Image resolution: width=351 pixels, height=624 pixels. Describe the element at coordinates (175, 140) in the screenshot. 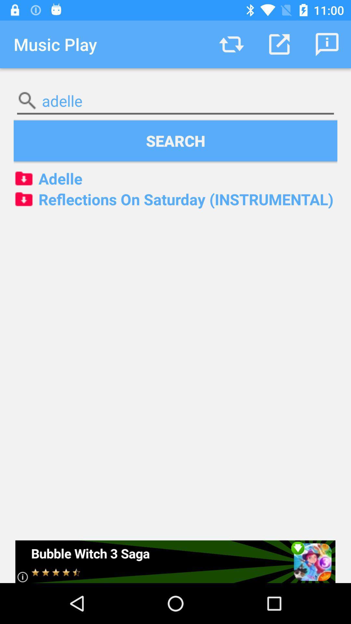

I see `search` at that location.